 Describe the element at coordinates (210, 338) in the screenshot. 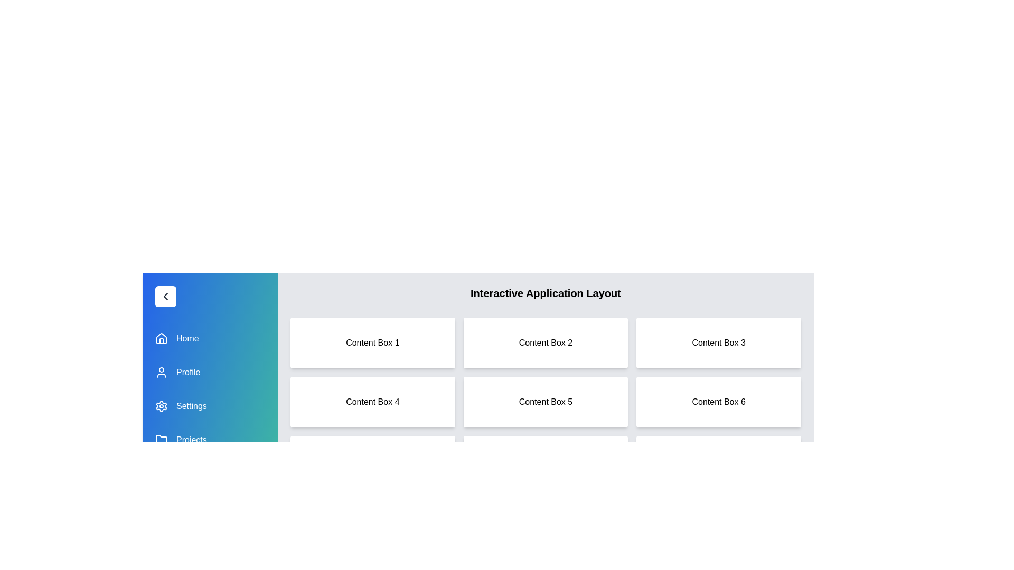

I see `the menu item Home to navigate or activate its associated functionality` at that location.